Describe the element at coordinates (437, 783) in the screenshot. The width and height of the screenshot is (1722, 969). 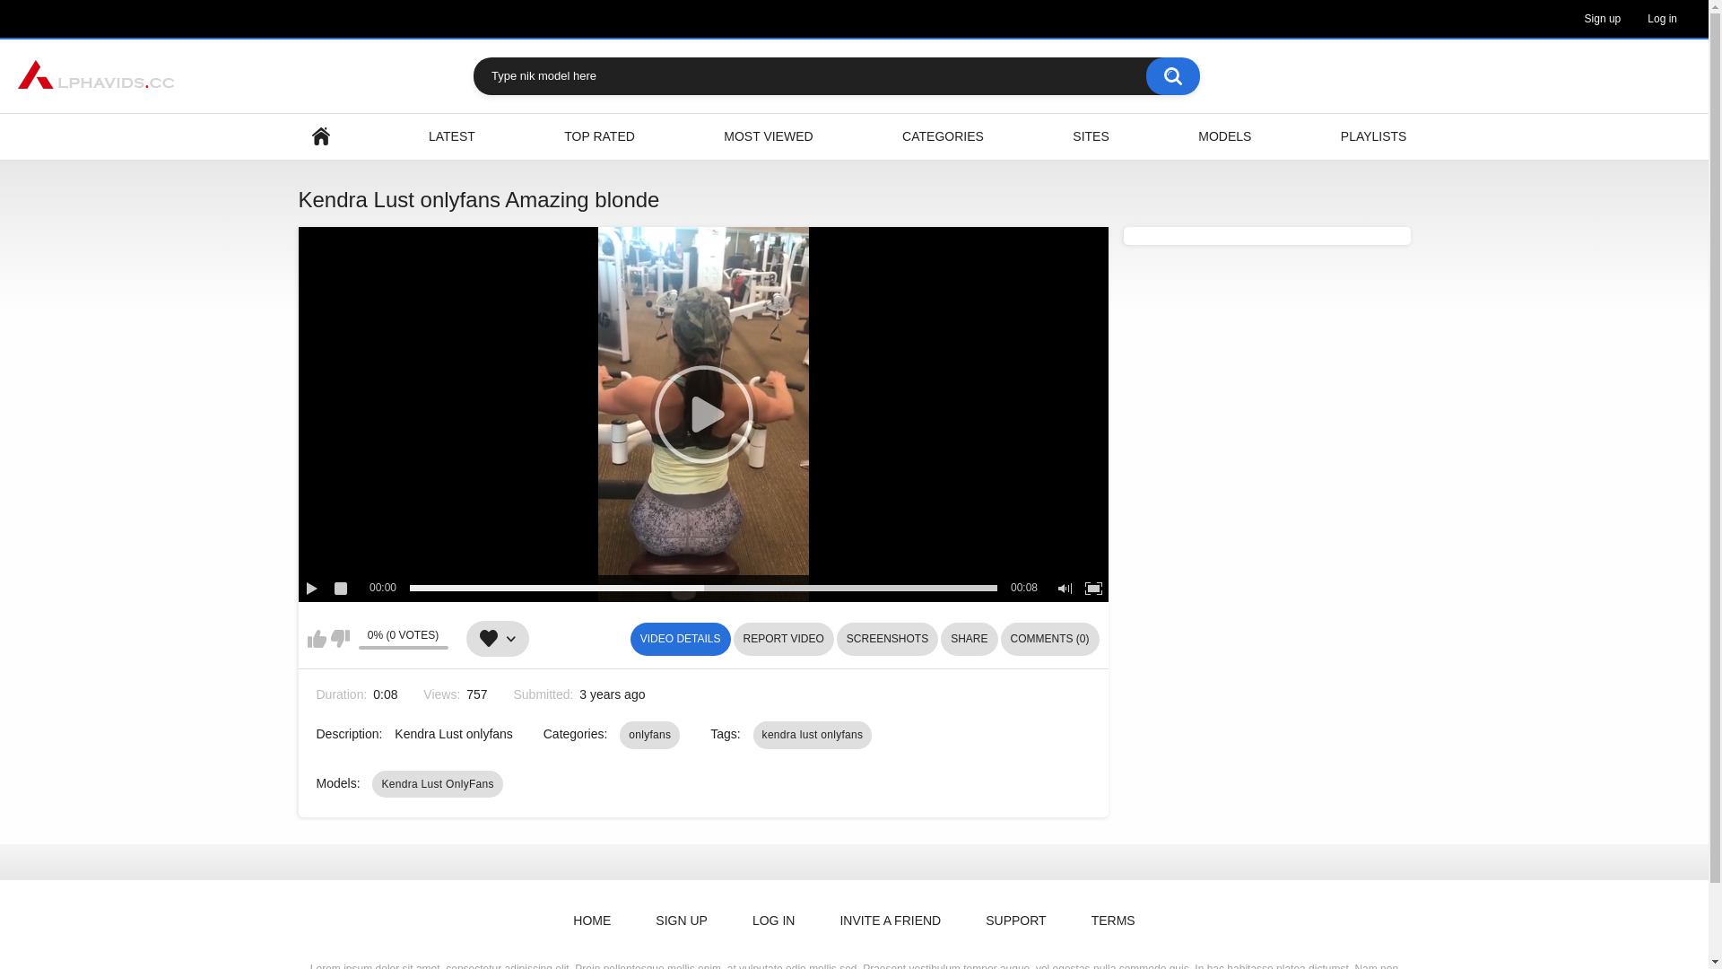
I see `'Kendra Lust OnlyFans'` at that location.